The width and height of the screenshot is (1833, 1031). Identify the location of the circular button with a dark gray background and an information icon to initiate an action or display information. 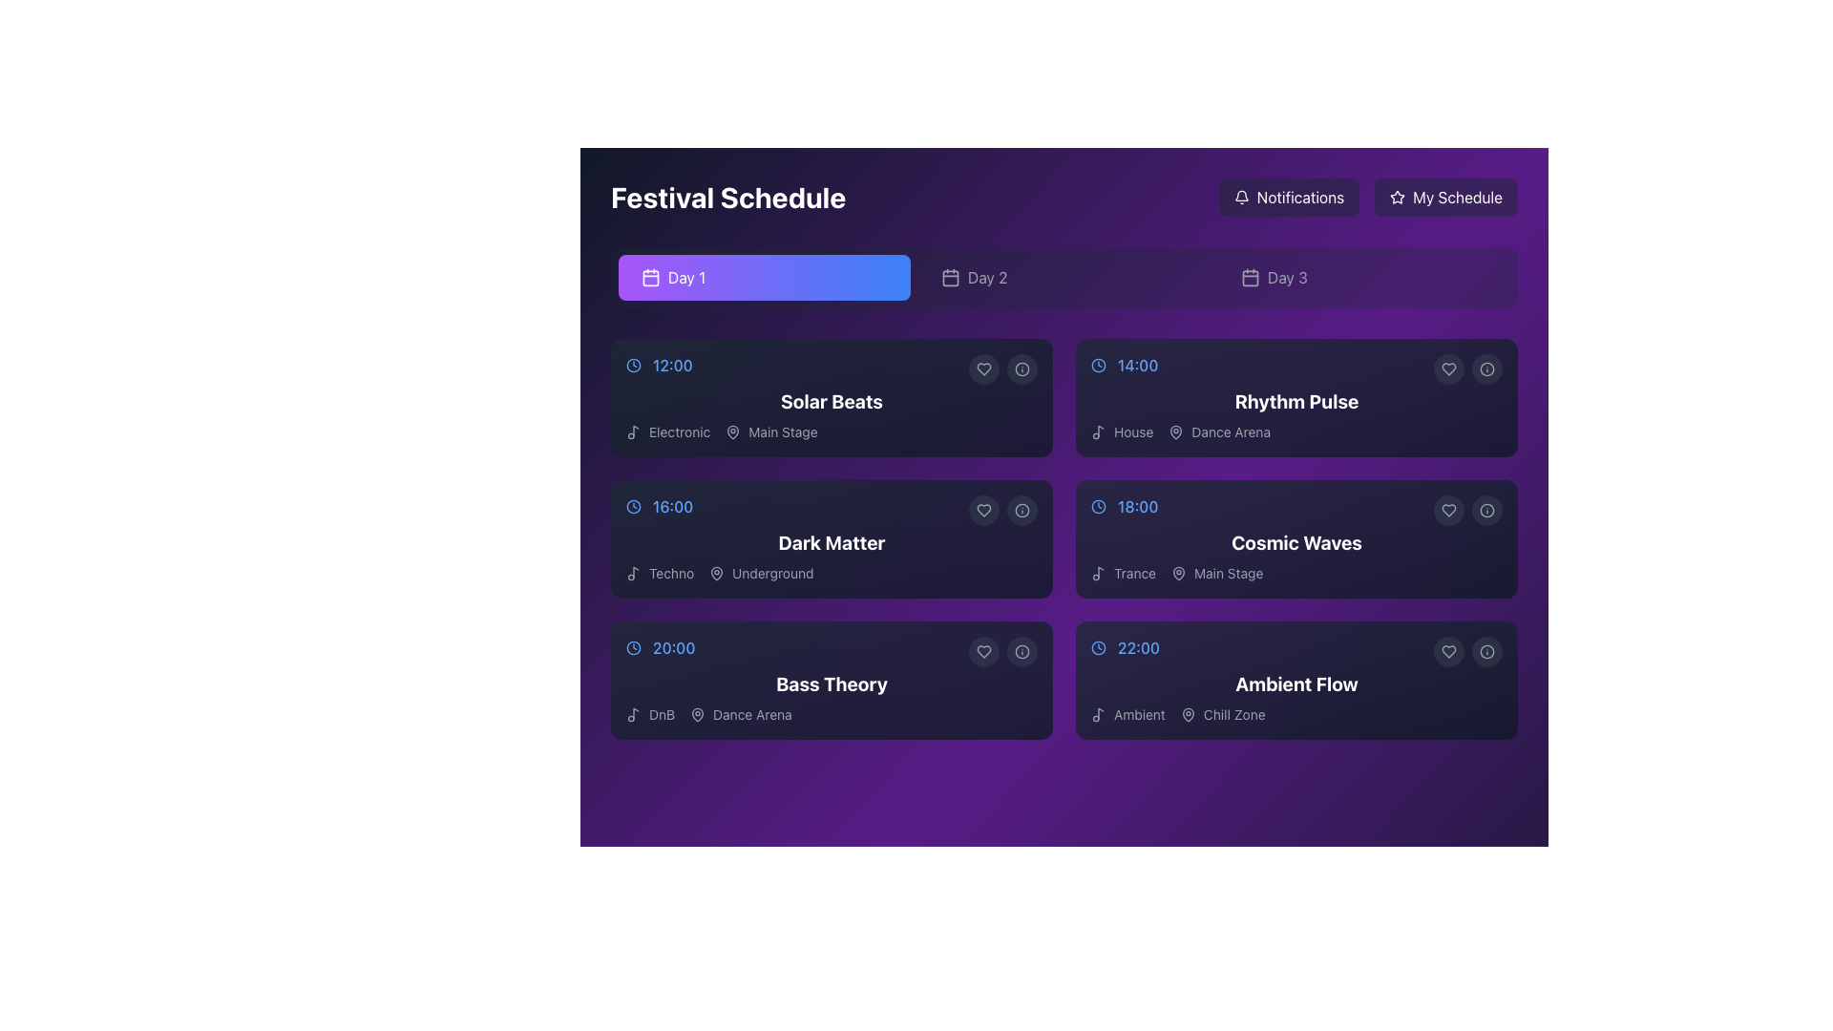
(1021, 650).